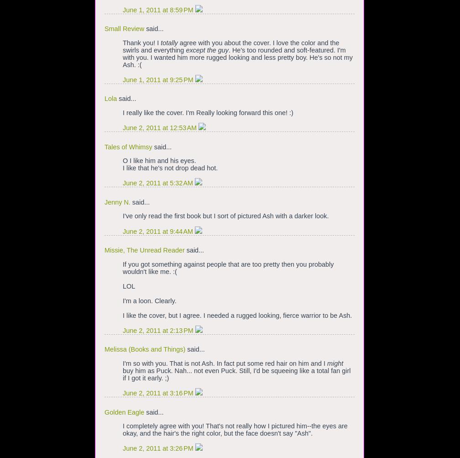 This screenshot has width=460, height=458. What do you see at coordinates (105, 146) in the screenshot?
I see `'Tales of Whimsy'` at bounding box center [105, 146].